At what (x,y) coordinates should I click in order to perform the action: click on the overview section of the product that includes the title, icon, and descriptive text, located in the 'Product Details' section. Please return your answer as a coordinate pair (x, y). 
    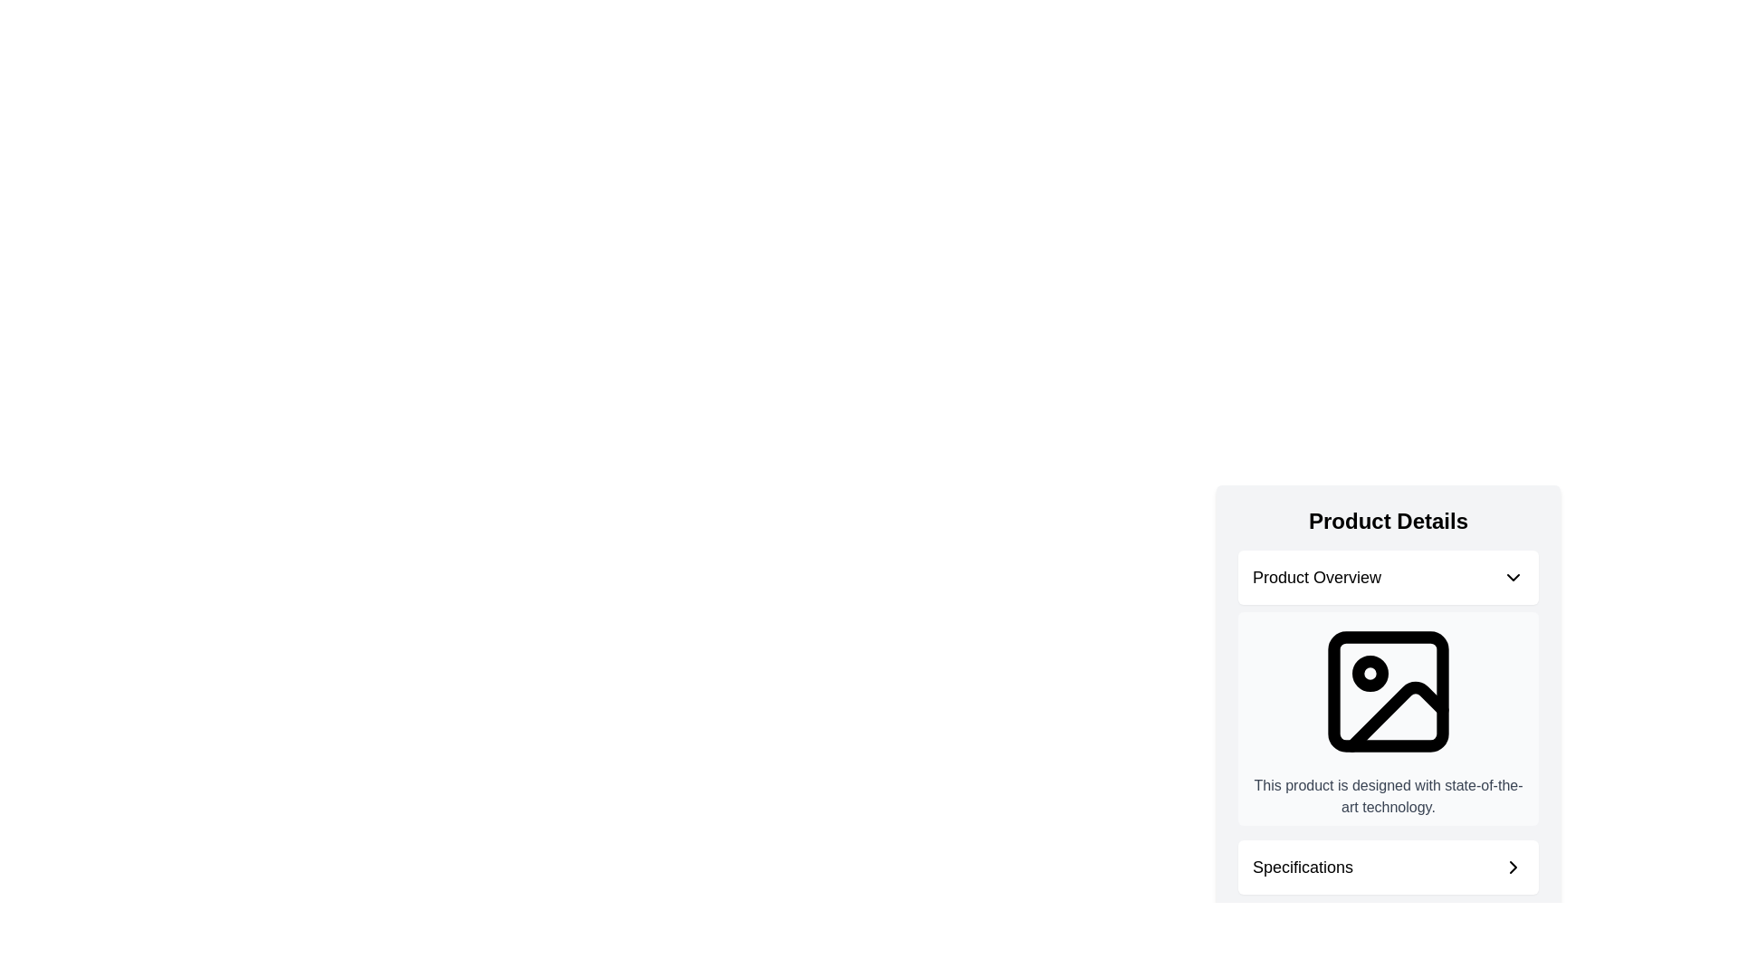
    Looking at the image, I should click on (1388, 687).